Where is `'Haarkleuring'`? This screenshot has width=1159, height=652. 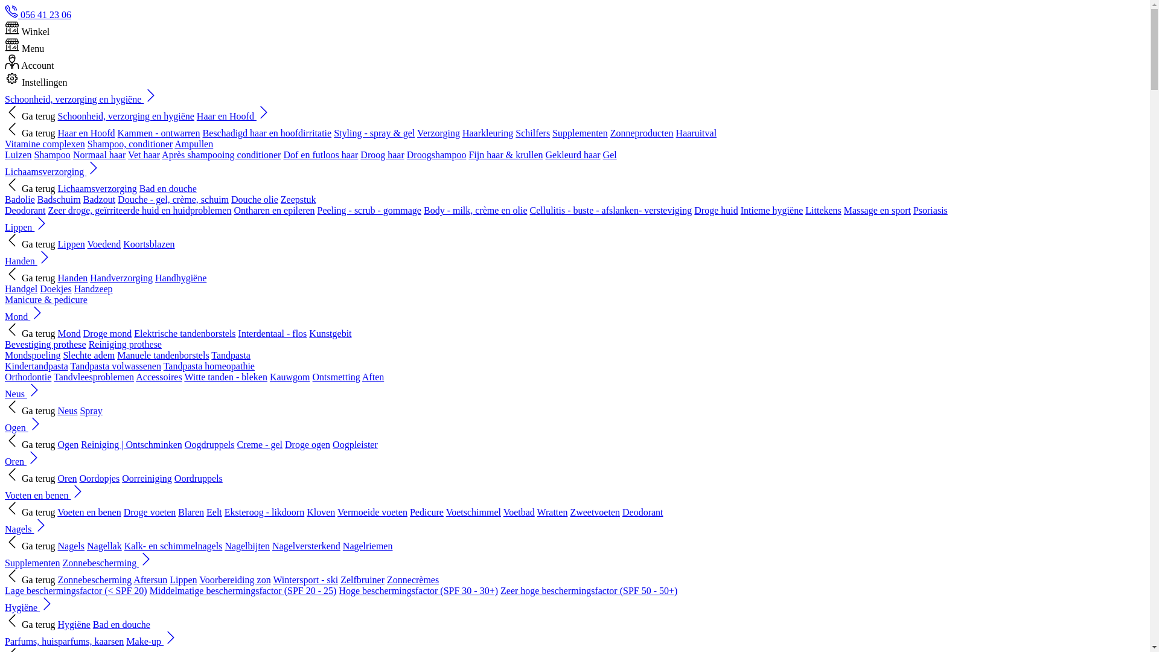 'Haarkleuring' is located at coordinates (487, 133).